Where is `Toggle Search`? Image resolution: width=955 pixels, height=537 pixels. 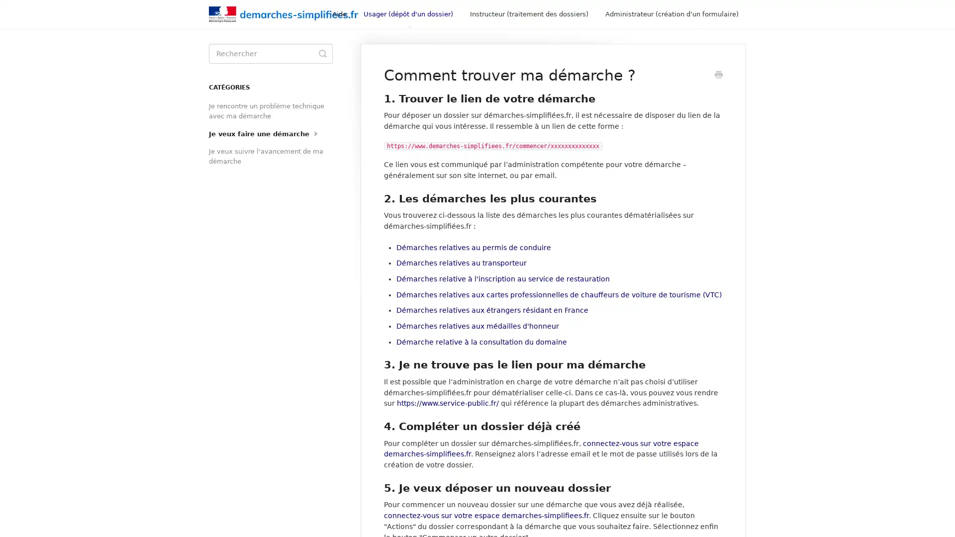 Toggle Search is located at coordinates (322, 53).